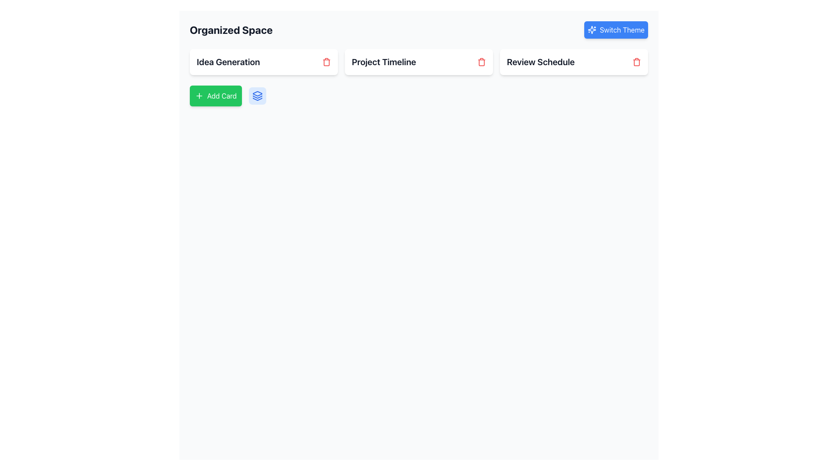 The width and height of the screenshot is (834, 469). I want to click on the theme switching icon located on the left side of the 'Switch Theme' button, so click(591, 30).